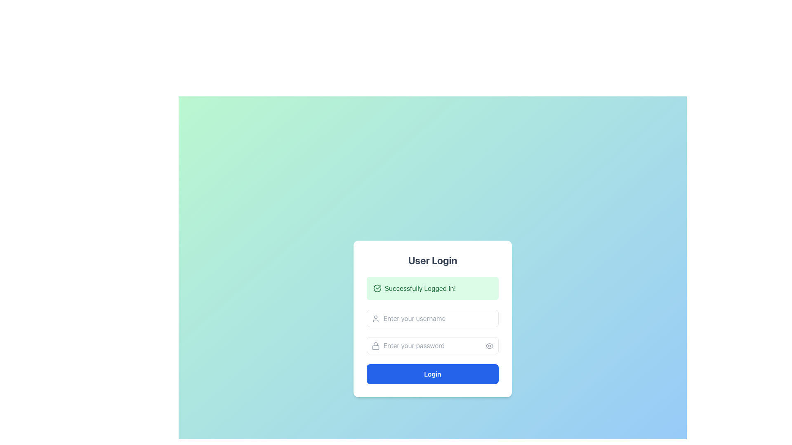  What do you see at coordinates (432, 374) in the screenshot?
I see `the blue rounded Submit Button labeled 'Login'` at bounding box center [432, 374].